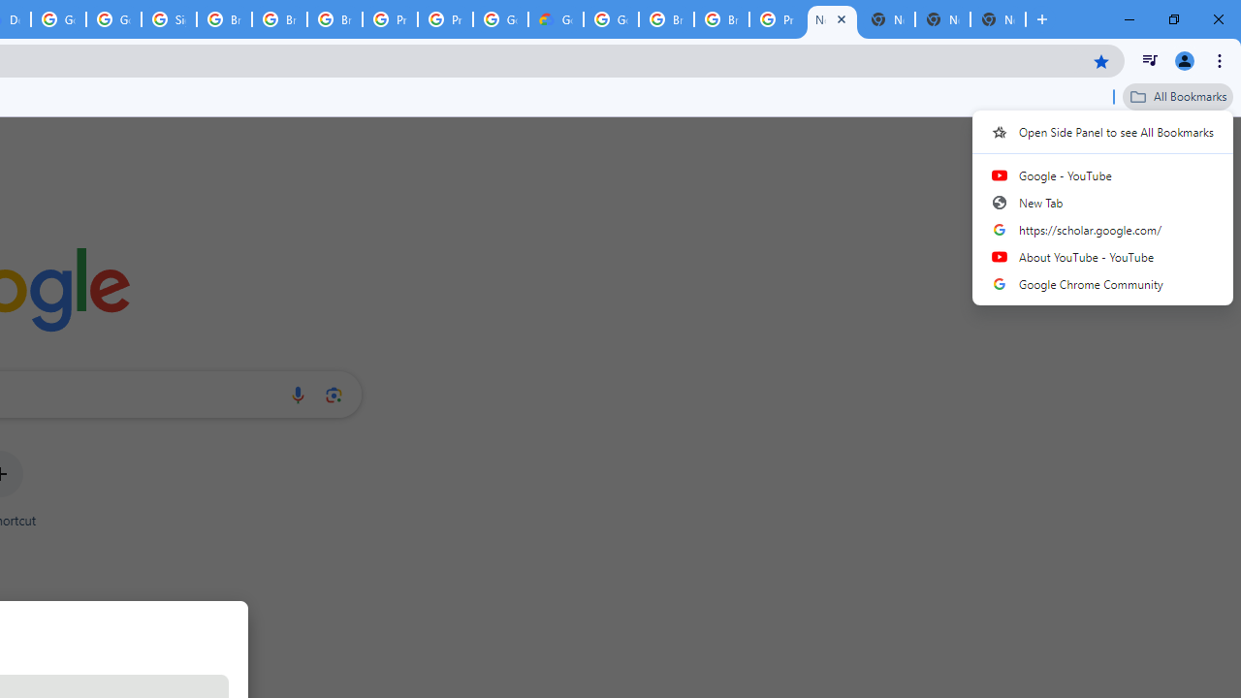  I want to click on 'Control your music, videos, and more', so click(1149, 59).